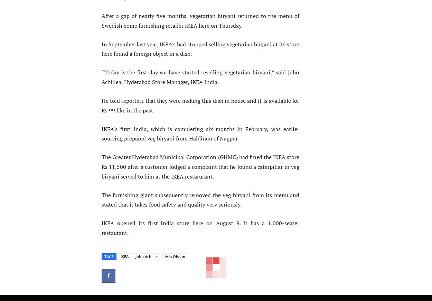 This screenshot has height=301, width=432. Describe the element at coordinates (175, 256) in the screenshot. I see `'Mia Olsson'` at that location.